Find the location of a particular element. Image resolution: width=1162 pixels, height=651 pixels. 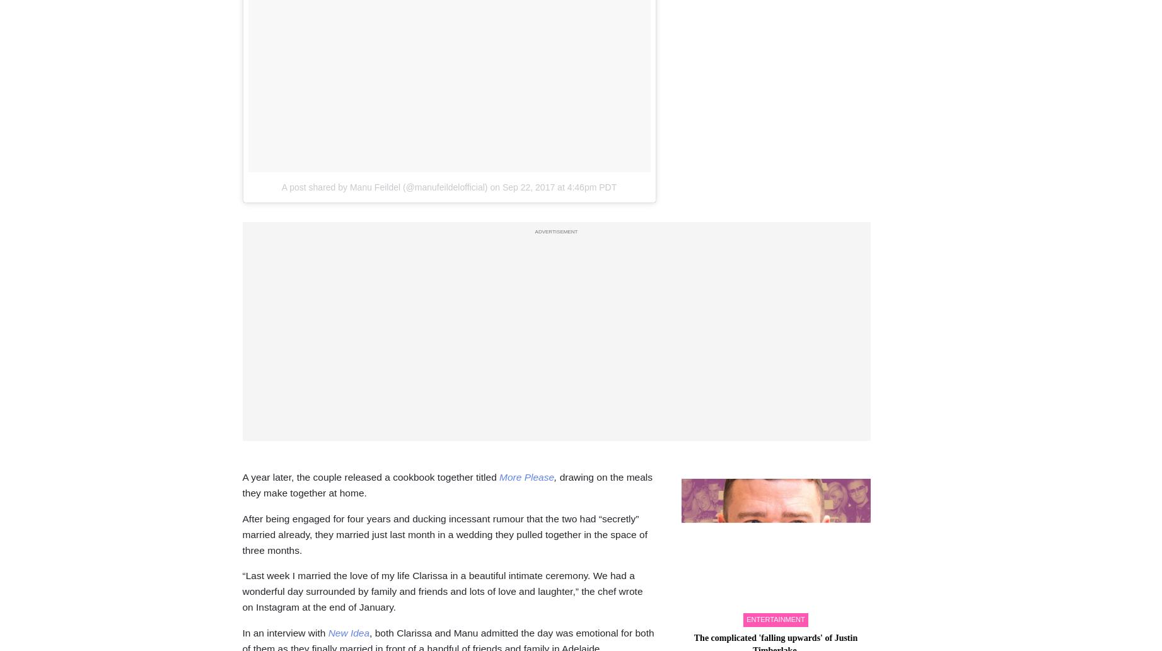

'More Please' is located at coordinates (526, 476).